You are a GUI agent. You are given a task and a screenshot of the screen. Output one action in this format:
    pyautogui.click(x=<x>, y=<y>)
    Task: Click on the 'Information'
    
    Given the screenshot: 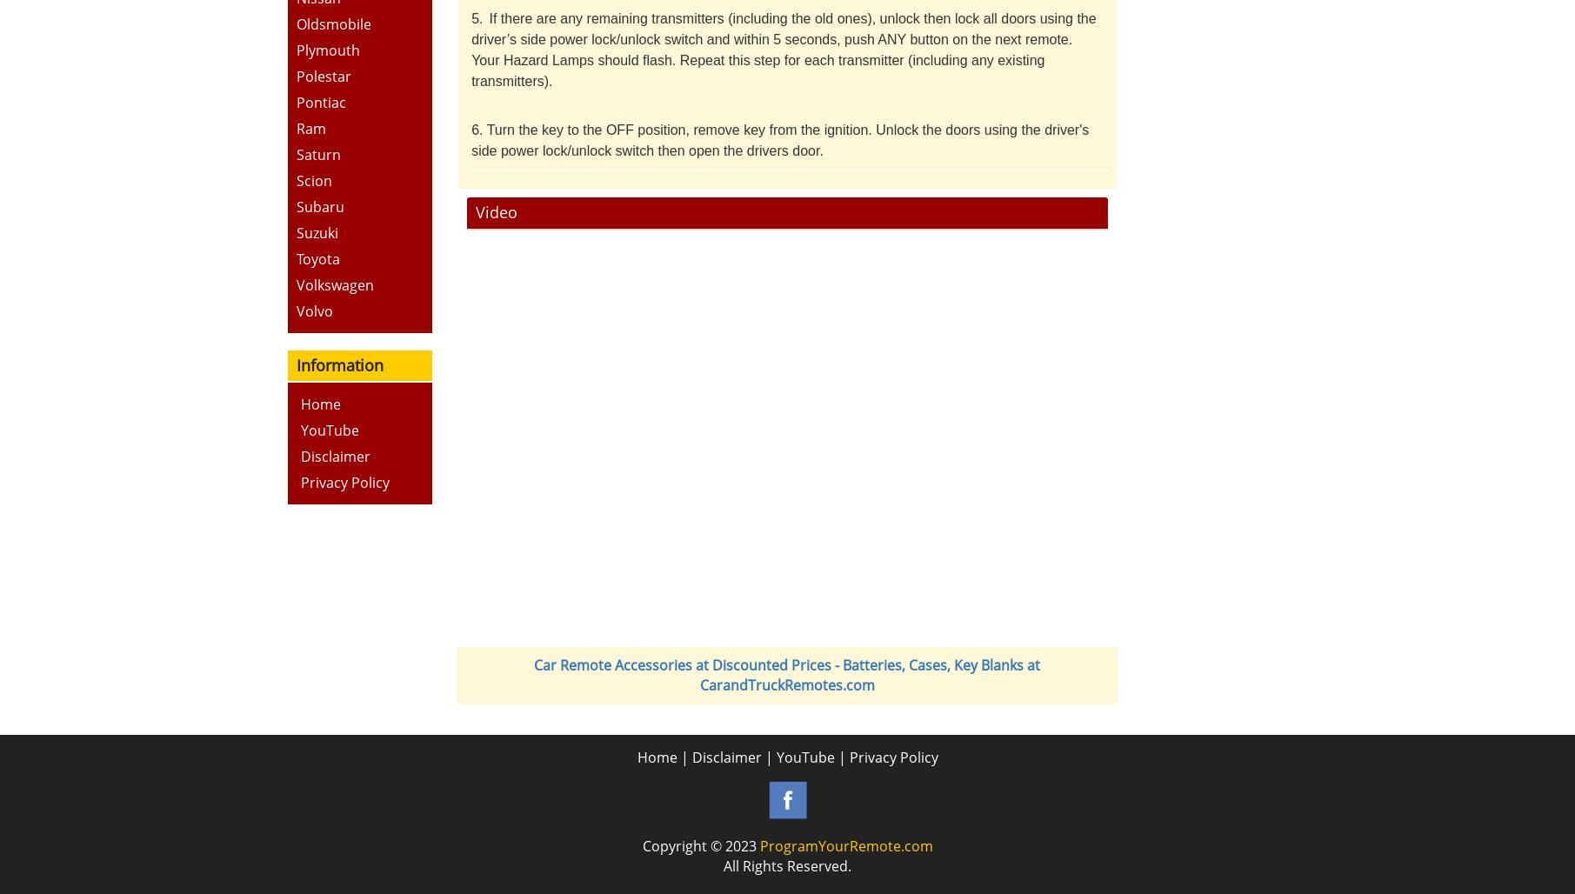 What is the action you would take?
    pyautogui.click(x=338, y=364)
    